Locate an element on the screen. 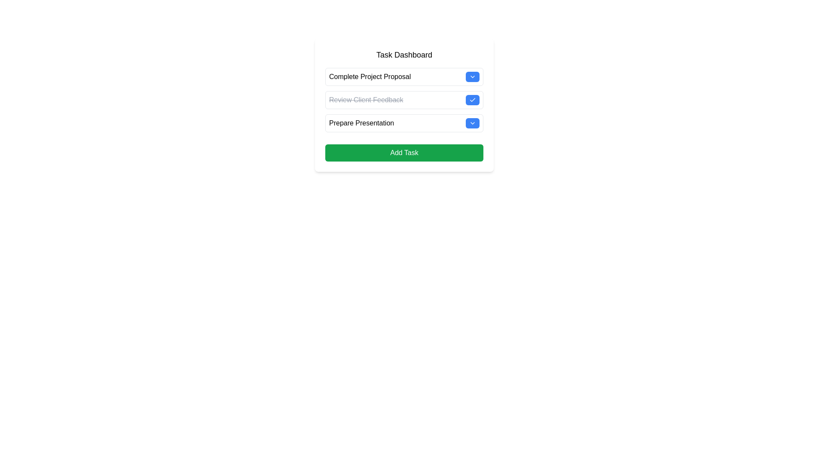 This screenshot has height=464, width=825. the task title area of the 'Complete Project Proposal' task item, which features a dropdown button, to perform potential actions is located at coordinates (403, 76).